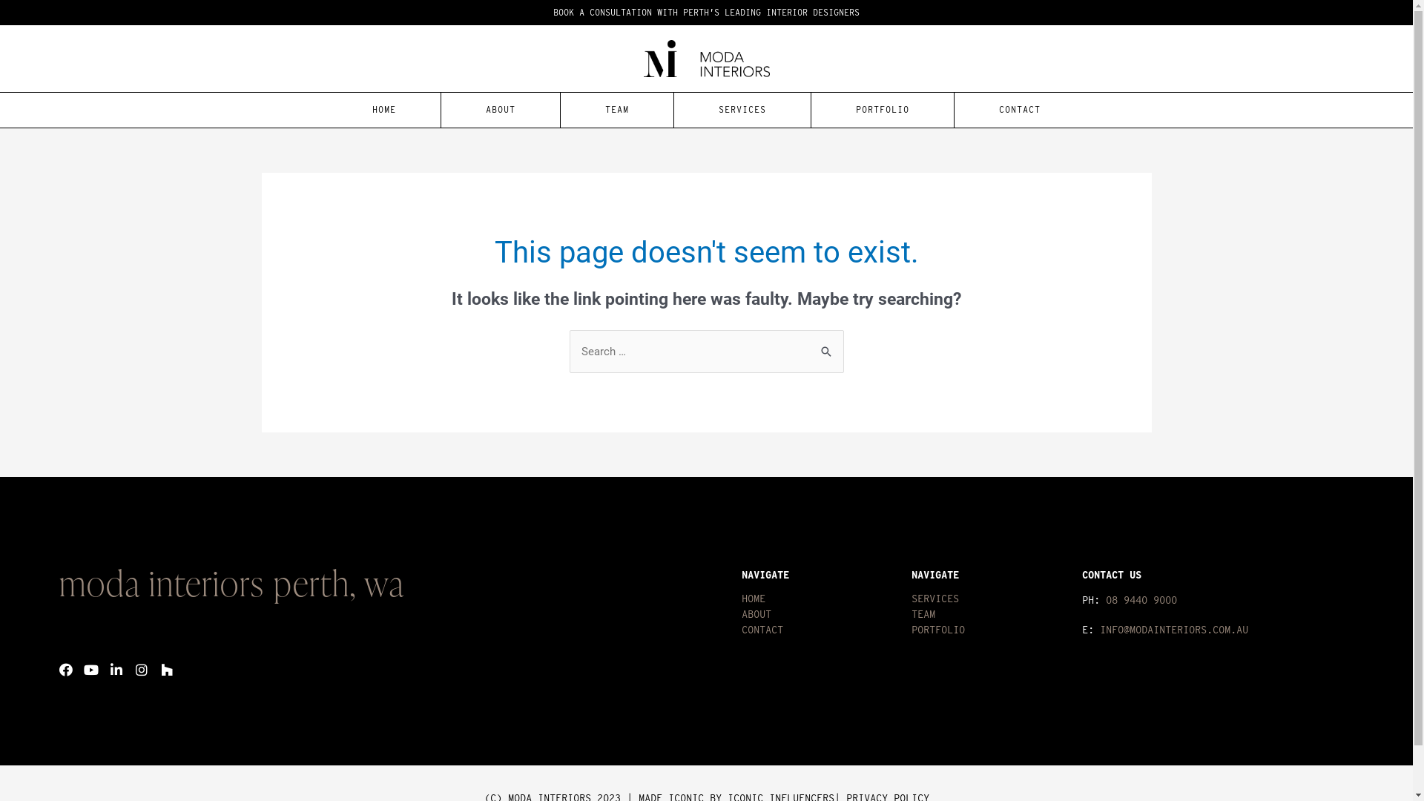  I want to click on 'Houzz', so click(167, 669).